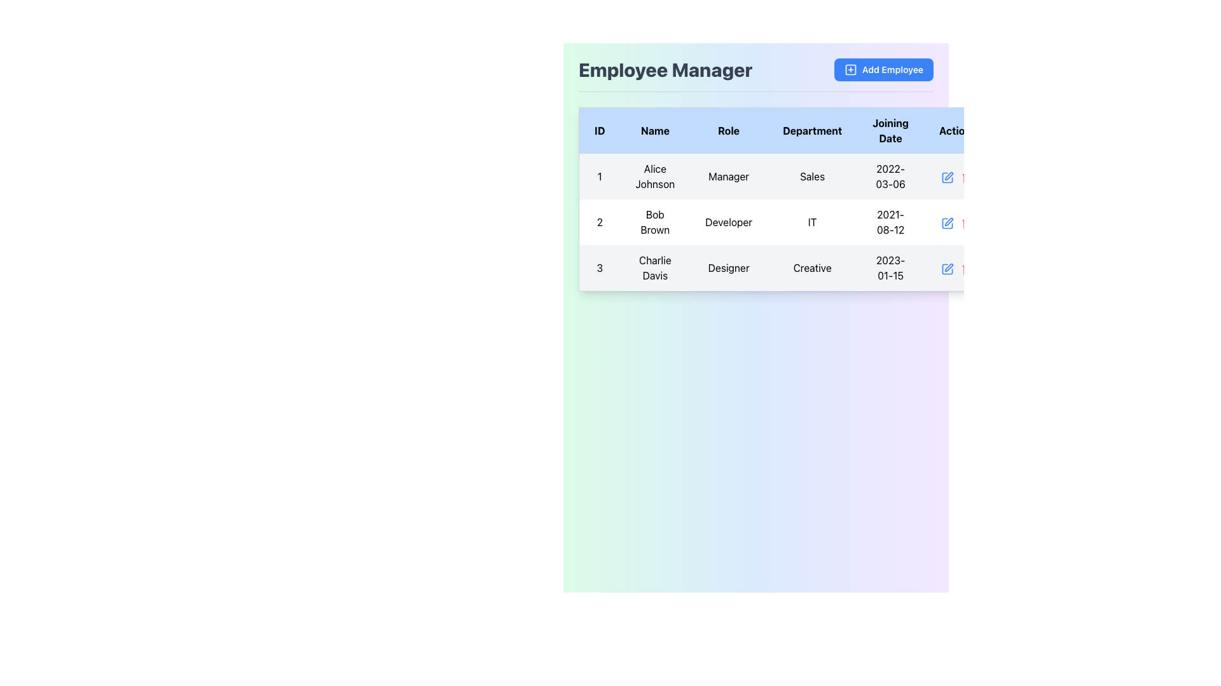  Describe the element at coordinates (598, 176) in the screenshot. I see `the static text element used for row numbering in the first column of the table, located at the top-left corner of the first cell` at that location.